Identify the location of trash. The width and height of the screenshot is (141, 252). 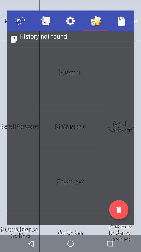
(119, 209).